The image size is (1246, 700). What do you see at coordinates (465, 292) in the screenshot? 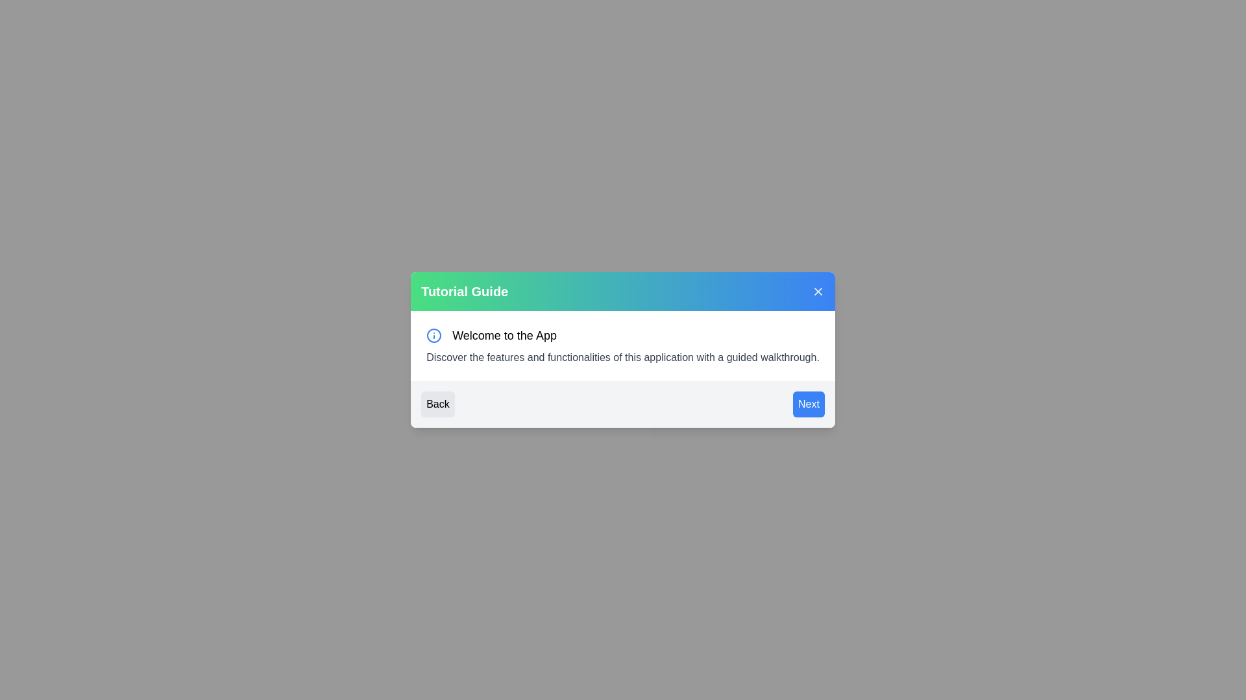
I see `the 'Tutorial Guide' text label, which is a bold, large-sized component located in the upper-left corner of a gradient-colored header bar` at bounding box center [465, 292].